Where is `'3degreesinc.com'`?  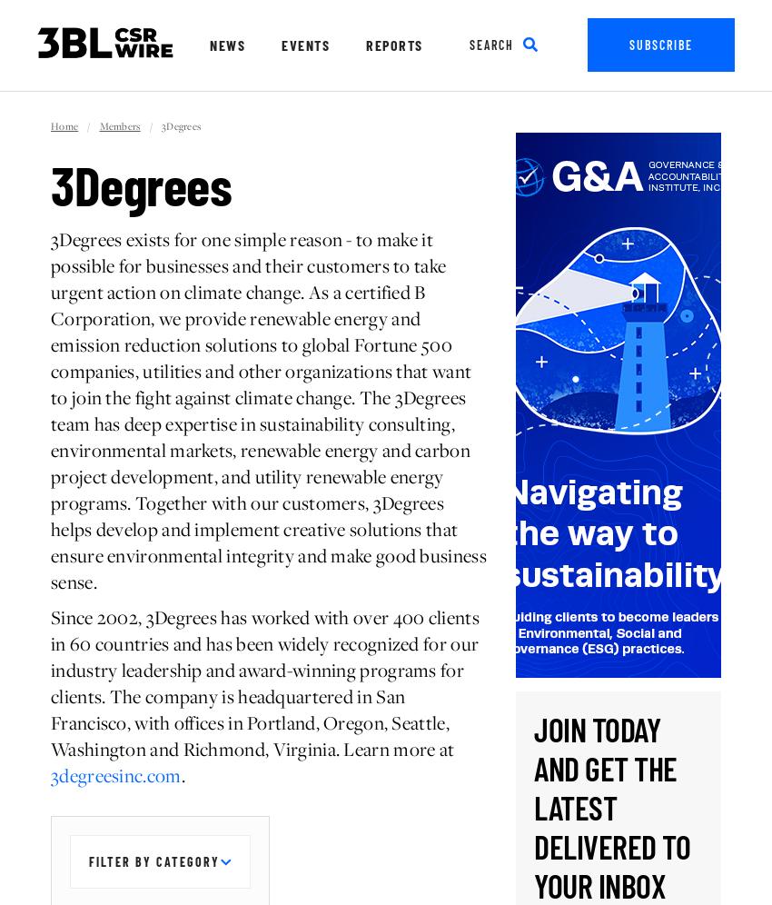 '3degreesinc.com' is located at coordinates (114, 775).